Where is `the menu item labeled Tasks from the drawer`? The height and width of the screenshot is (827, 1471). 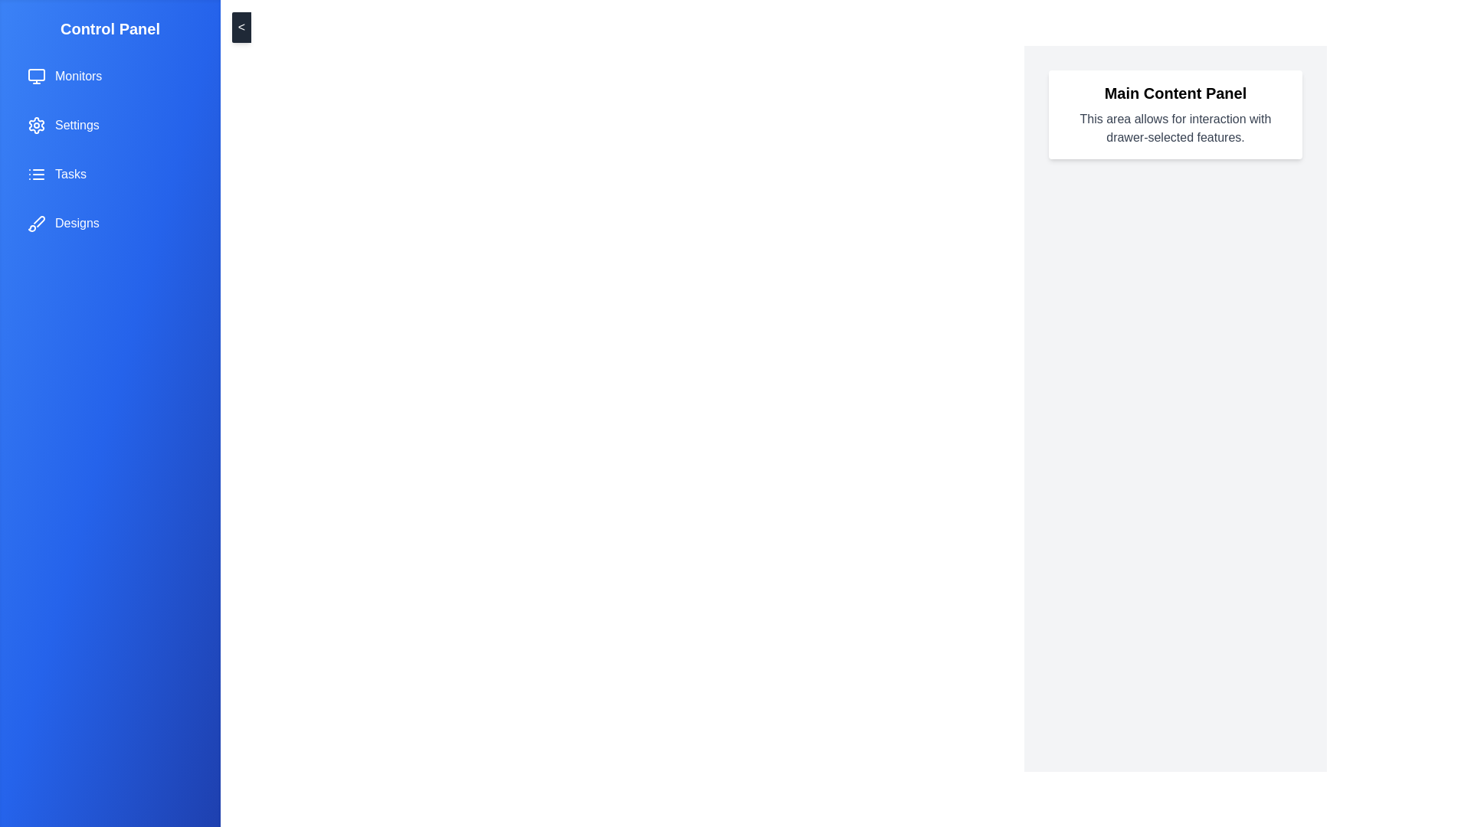
the menu item labeled Tasks from the drawer is located at coordinates (110, 173).